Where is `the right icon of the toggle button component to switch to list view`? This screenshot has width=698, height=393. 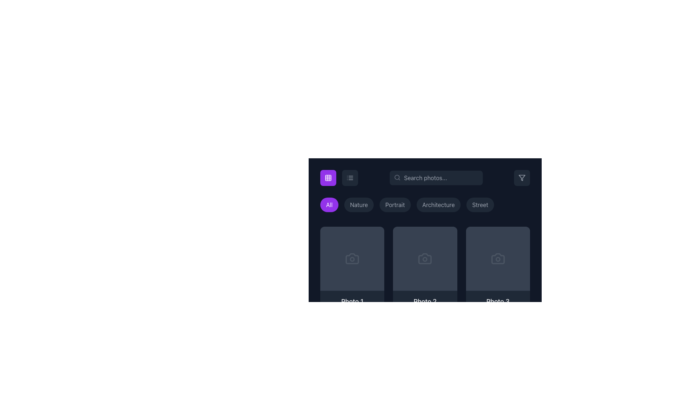 the right icon of the toggle button component to switch to list view is located at coordinates (338, 178).